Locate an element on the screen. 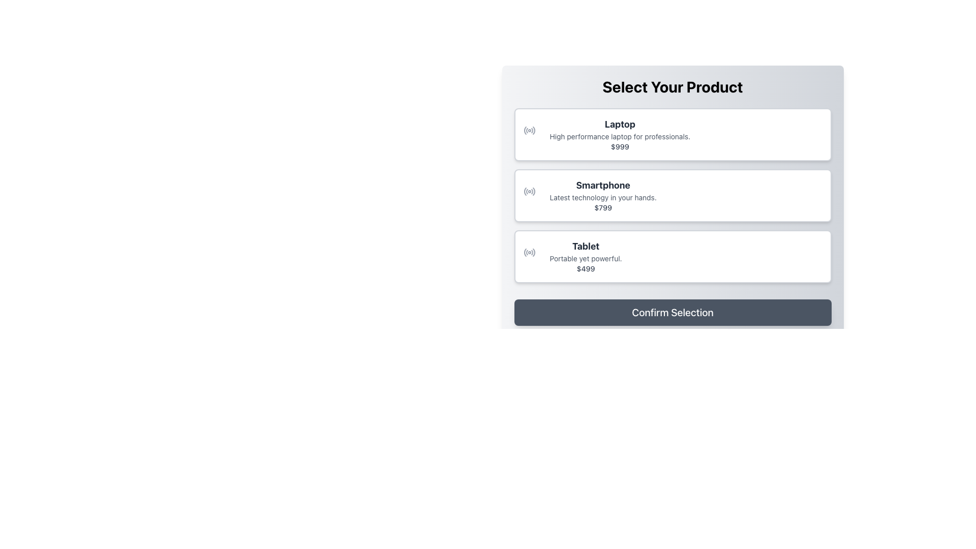  the wide rectangular button labeled 'Confirm Selection' at the bottom of the modal is located at coordinates (673, 312).